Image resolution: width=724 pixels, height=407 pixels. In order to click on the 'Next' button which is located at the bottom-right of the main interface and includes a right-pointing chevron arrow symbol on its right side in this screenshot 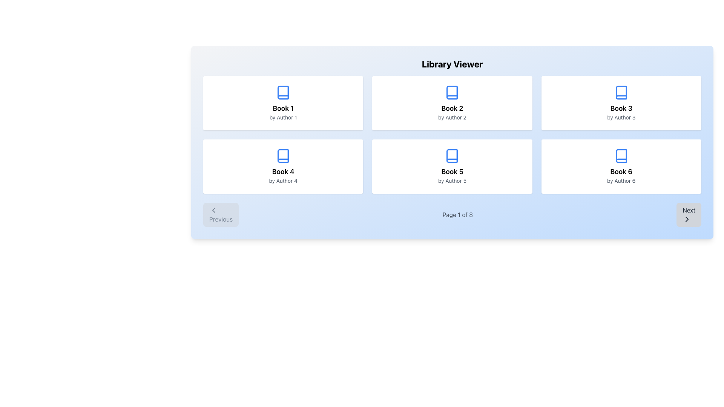, I will do `click(687, 219)`.